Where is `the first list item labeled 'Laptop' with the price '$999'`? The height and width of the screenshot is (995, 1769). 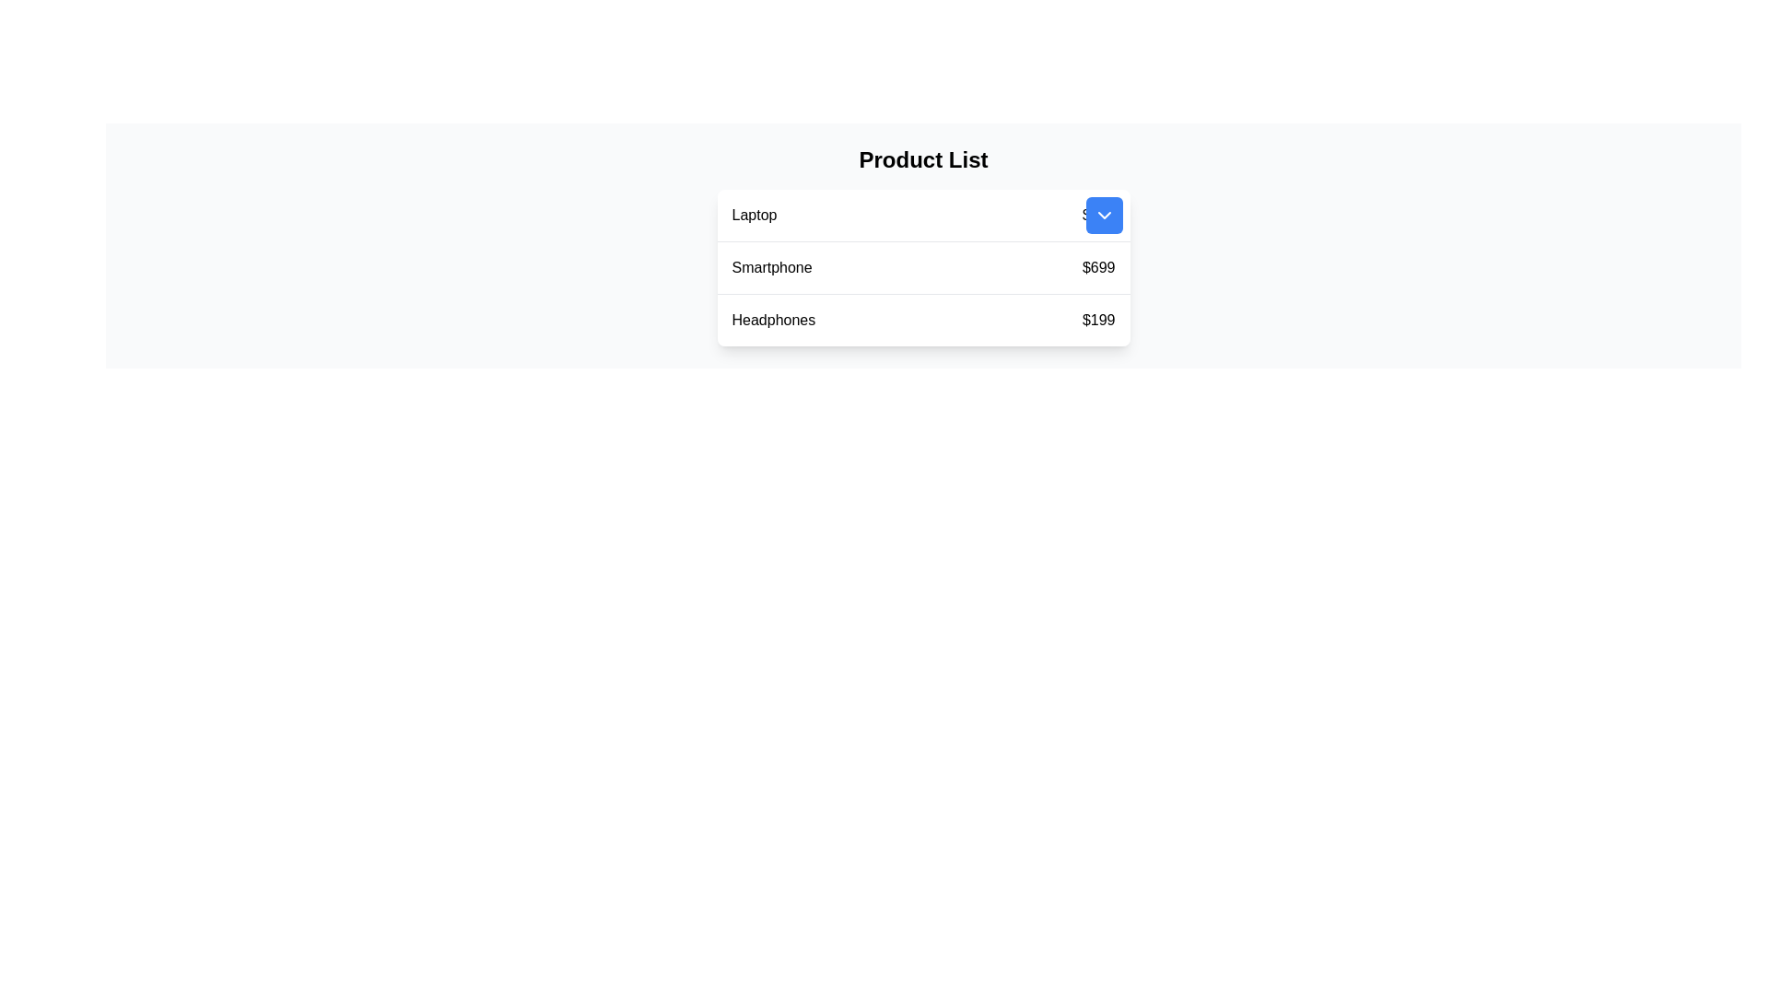 the first list item labeled 'Laptop' with the price '$999' is located at coordinates (923, 215).